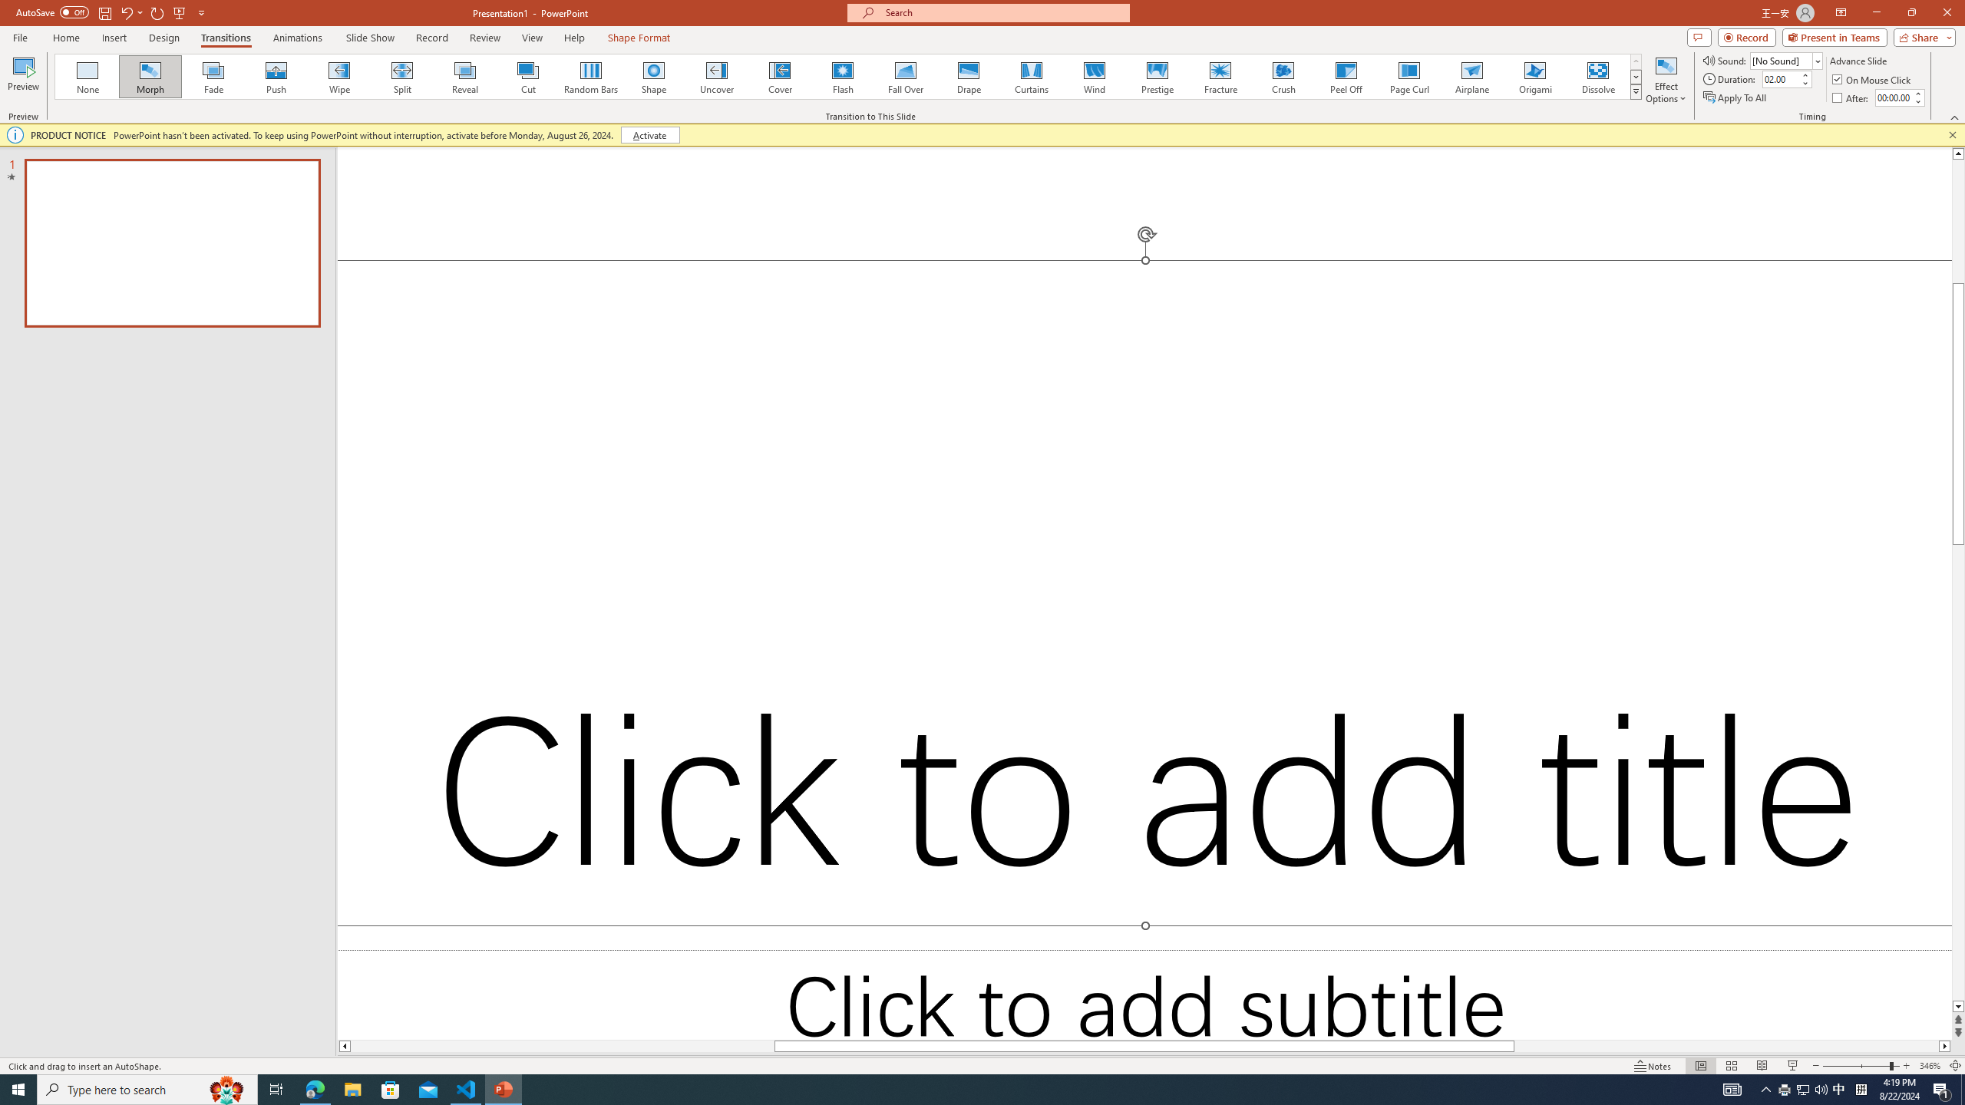  I want to click on 'Wind', so click(1093, 76).